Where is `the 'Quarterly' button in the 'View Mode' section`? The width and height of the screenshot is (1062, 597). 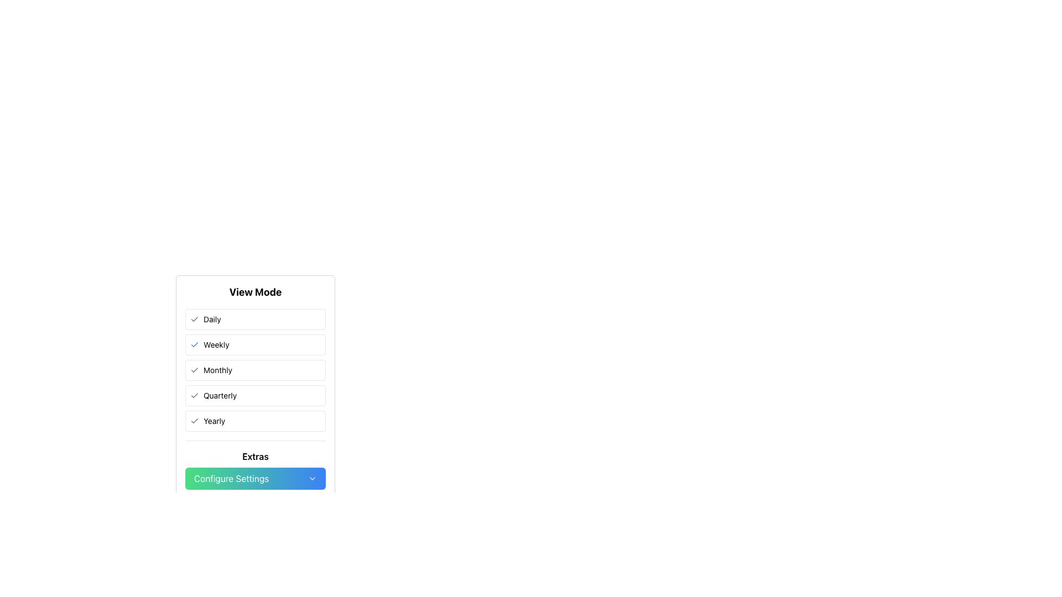
the 'Quarterly' button in the 'View Mode' section is located at coordinates (254, 386).